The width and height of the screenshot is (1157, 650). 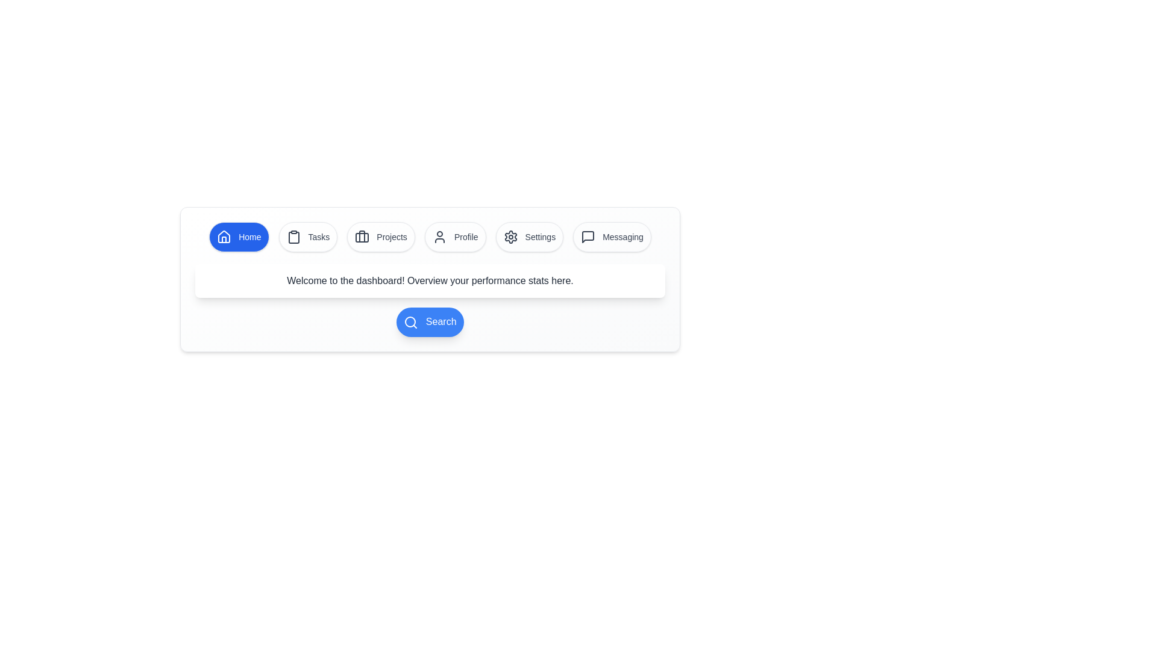 What do you see at coordinates (510, 237) in the screenshot?
I see `the settings icon located to the left of the 'Settings' label in the navigation bar` at bounding box center [510, 237].